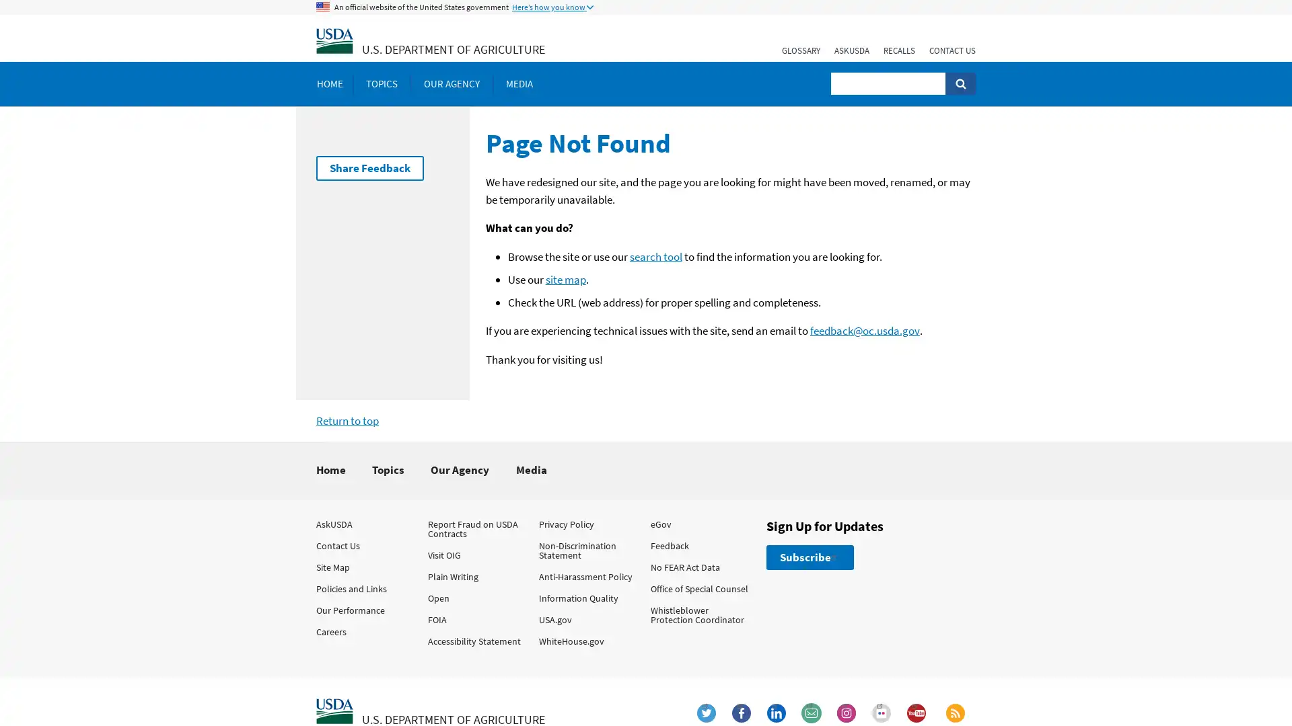  I want to click on TOPICS, so click(381, 83).